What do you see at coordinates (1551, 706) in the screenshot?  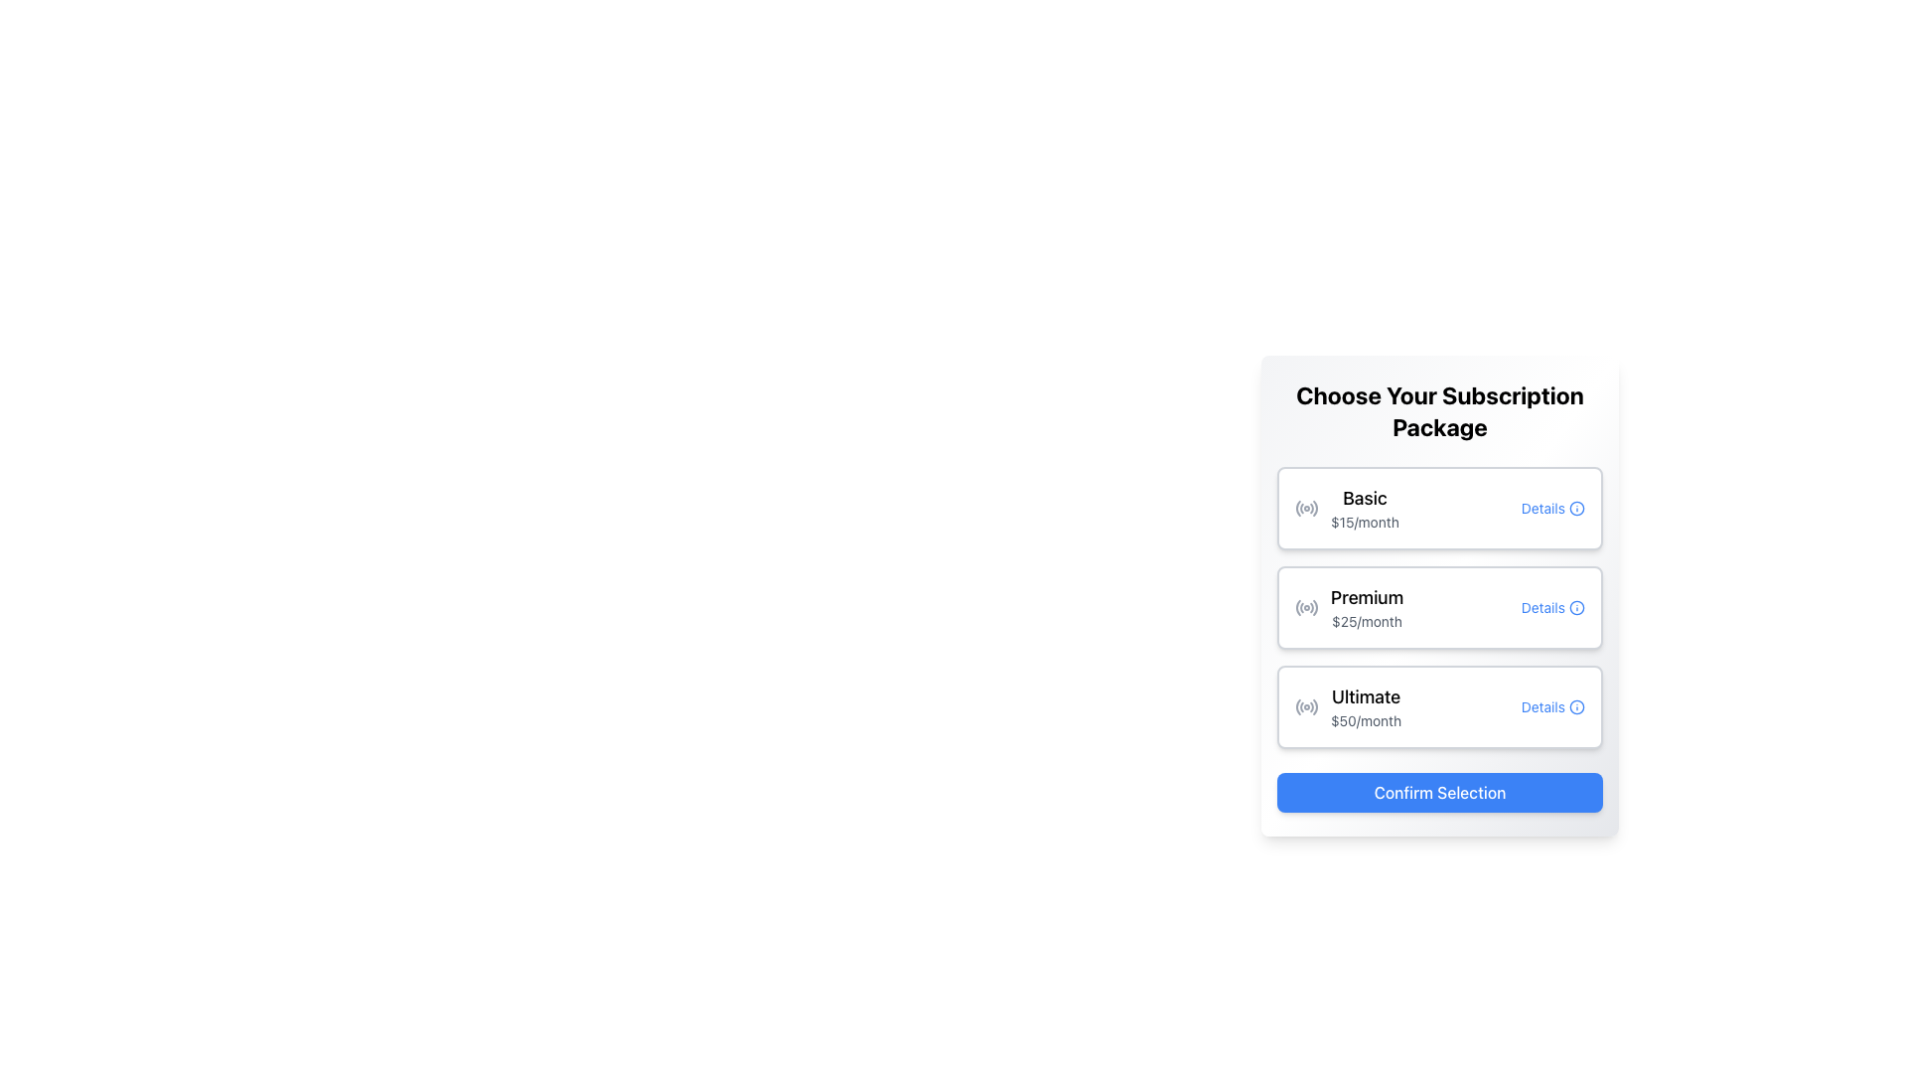 I see `the 'Details' link styled in a small blue font, associated with the '$50/month' Ultimate subscription option` at bounding box center [1551, 706].